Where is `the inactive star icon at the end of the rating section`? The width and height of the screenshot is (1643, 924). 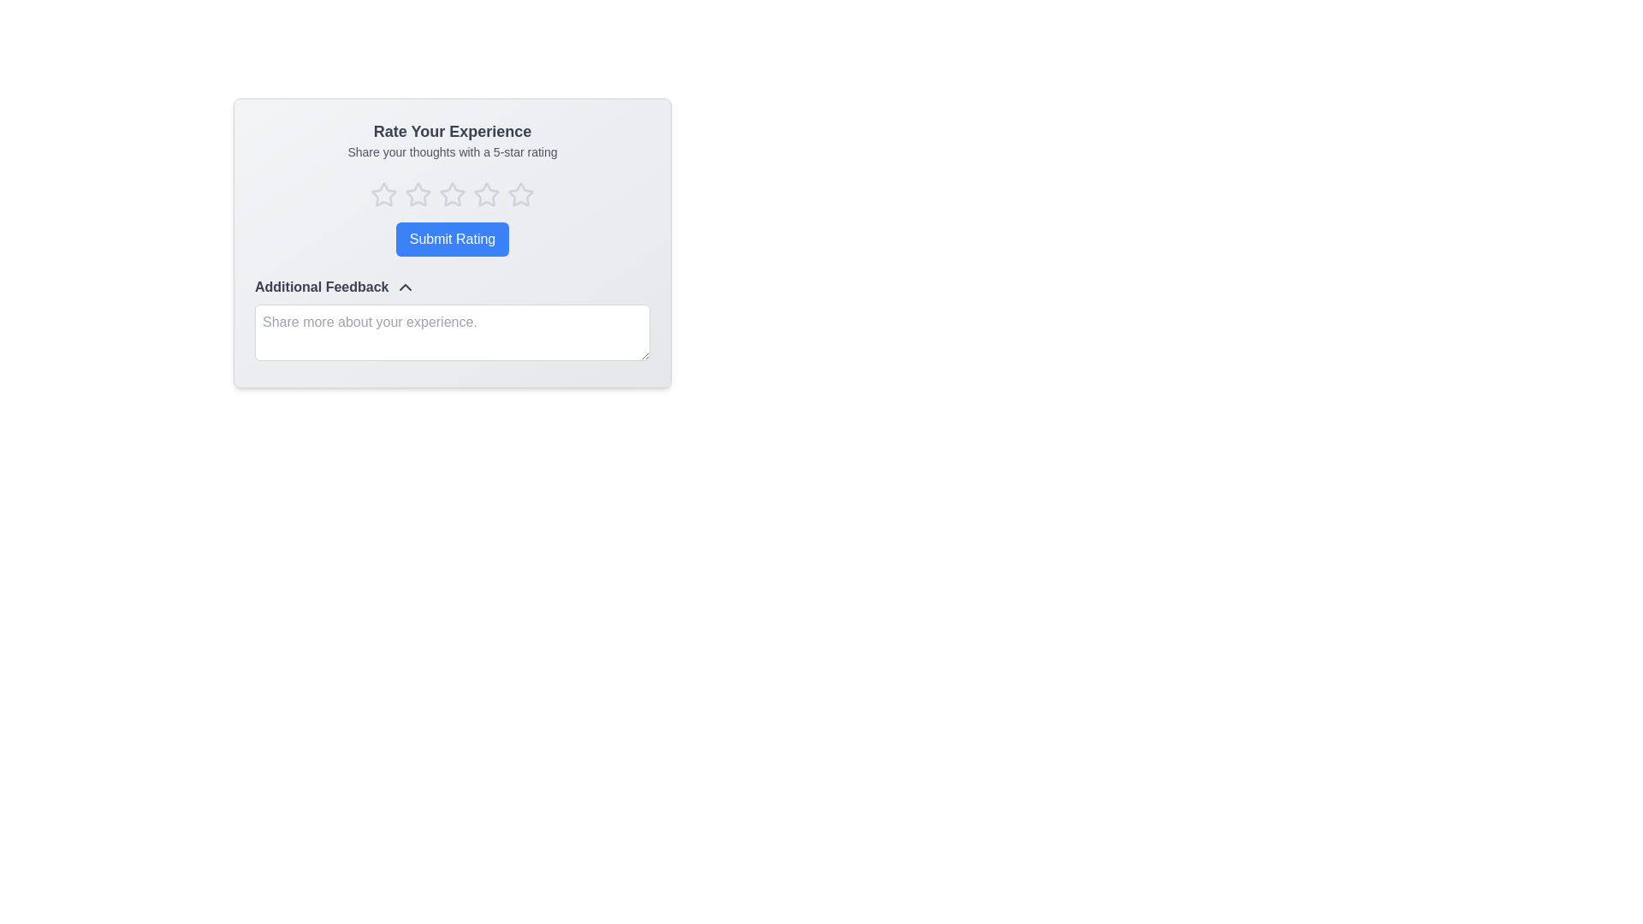 the inactive star icon at the end of the rating section is located at coordinates (520, 193).